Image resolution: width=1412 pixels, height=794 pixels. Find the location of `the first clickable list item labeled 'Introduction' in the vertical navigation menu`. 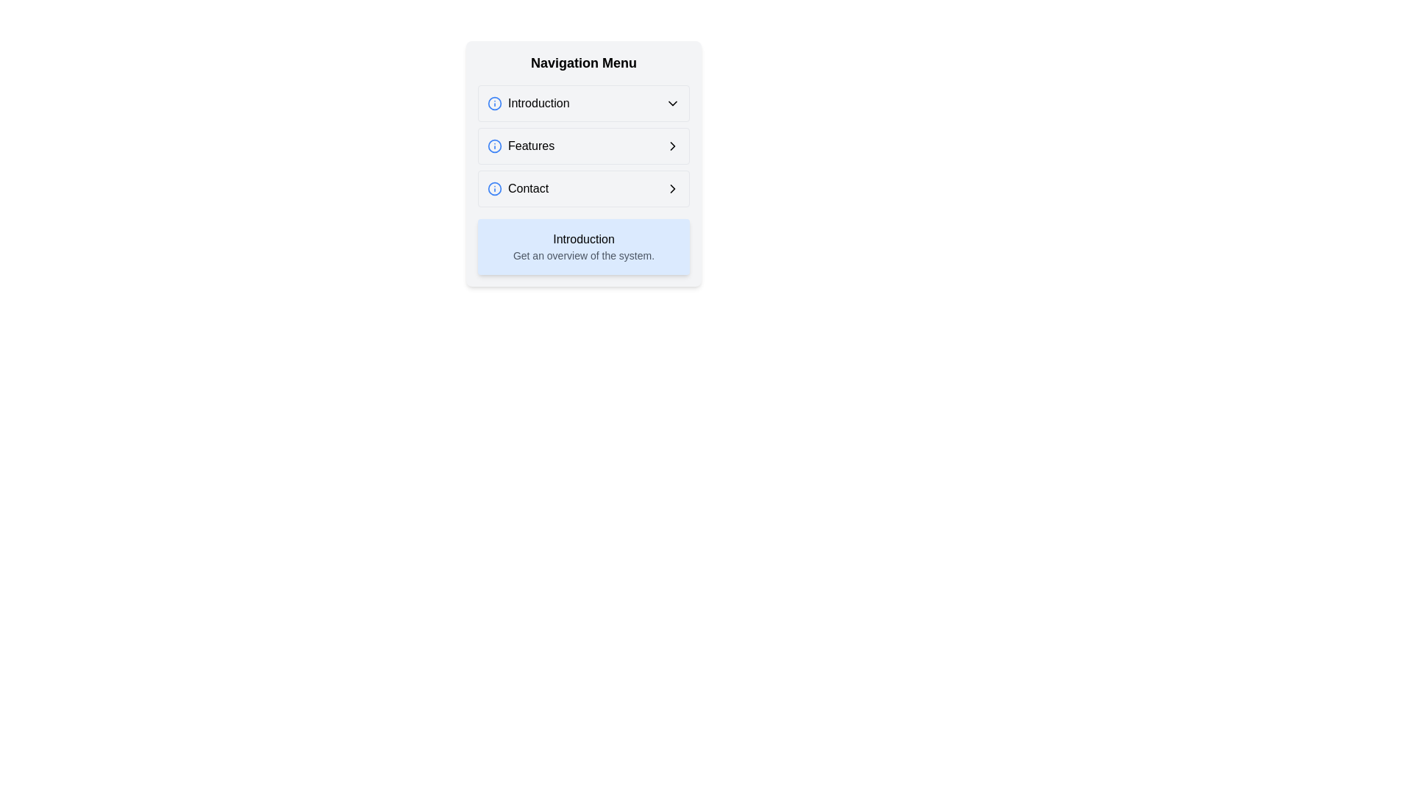

the first clickable list item labeled 'Introduction' in the vertical navigation menu is located at coordinates (582, 103).